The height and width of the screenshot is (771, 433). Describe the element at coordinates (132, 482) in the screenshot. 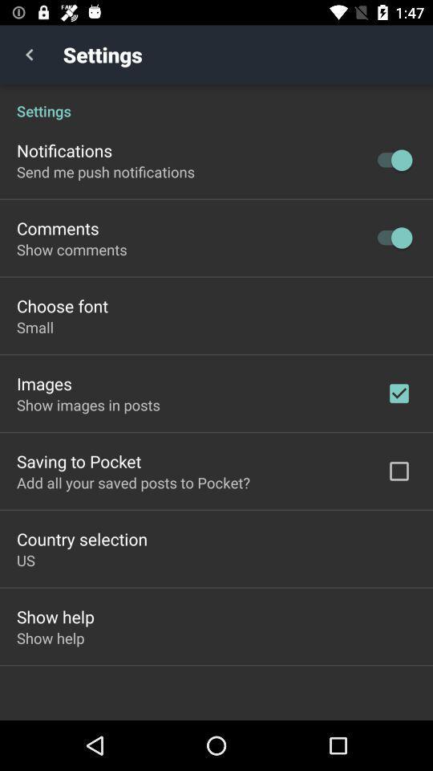

I see `the item above country selection` at that location.